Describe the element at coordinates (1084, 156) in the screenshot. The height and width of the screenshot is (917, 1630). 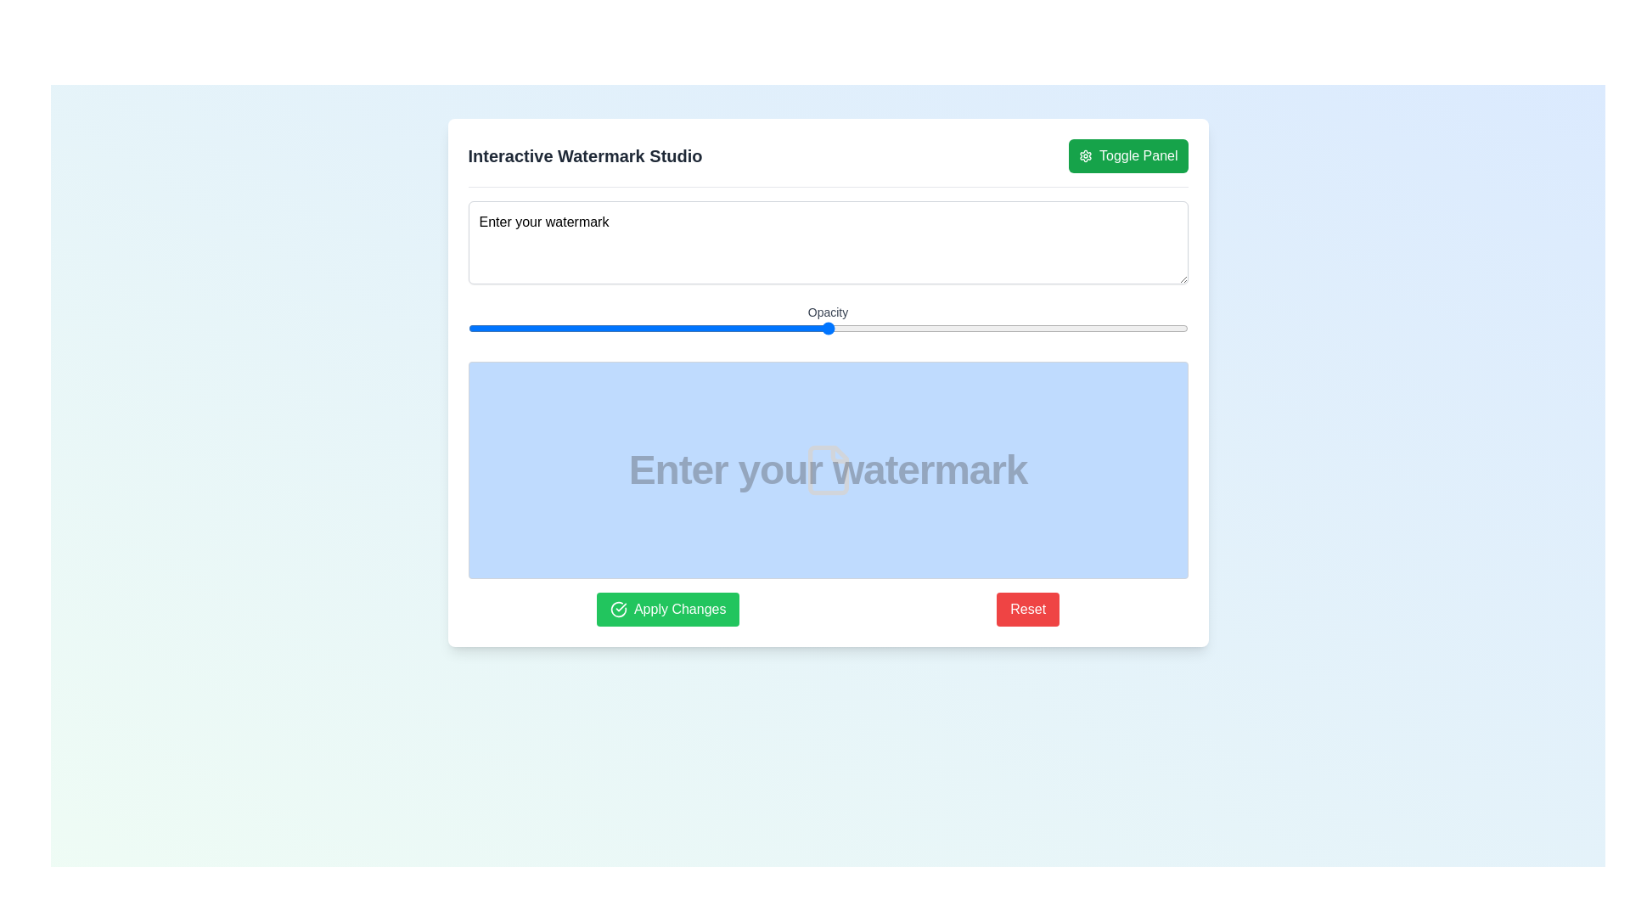
I see `the cogwheel icon located inside the green 'Toggle Panel' button in the top-right corner of the interface's main panel` at that location.